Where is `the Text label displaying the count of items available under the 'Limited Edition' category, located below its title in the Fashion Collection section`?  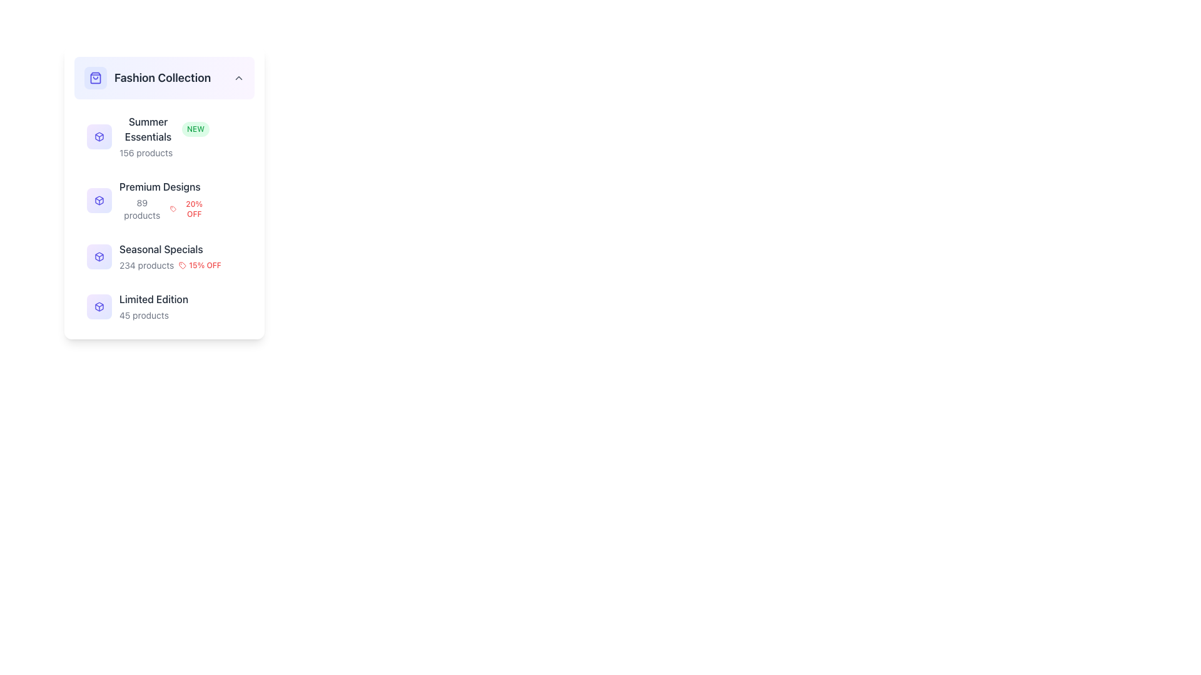
the Text label displaying the count of items available under the 'Limited Edition' category, located below its title in the Fashion Collection section is located at coordinates (164, 315).